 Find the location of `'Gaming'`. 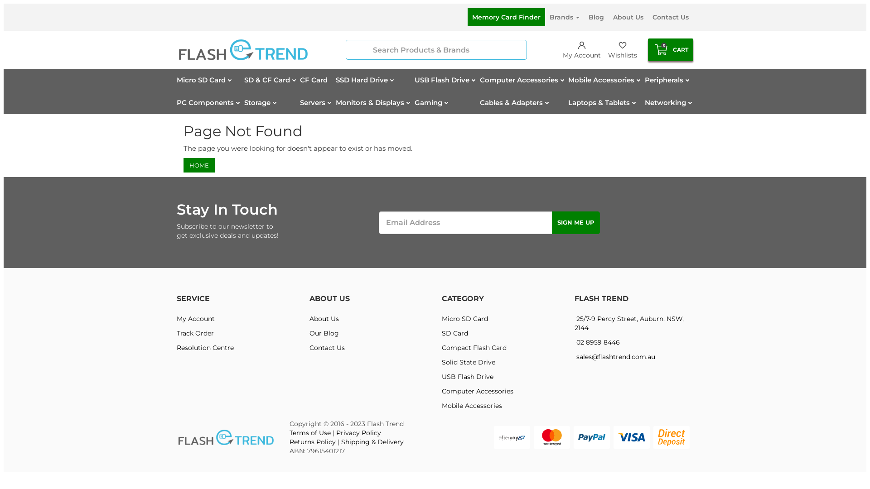

'Gaming' is located at coordinates (431, 102).